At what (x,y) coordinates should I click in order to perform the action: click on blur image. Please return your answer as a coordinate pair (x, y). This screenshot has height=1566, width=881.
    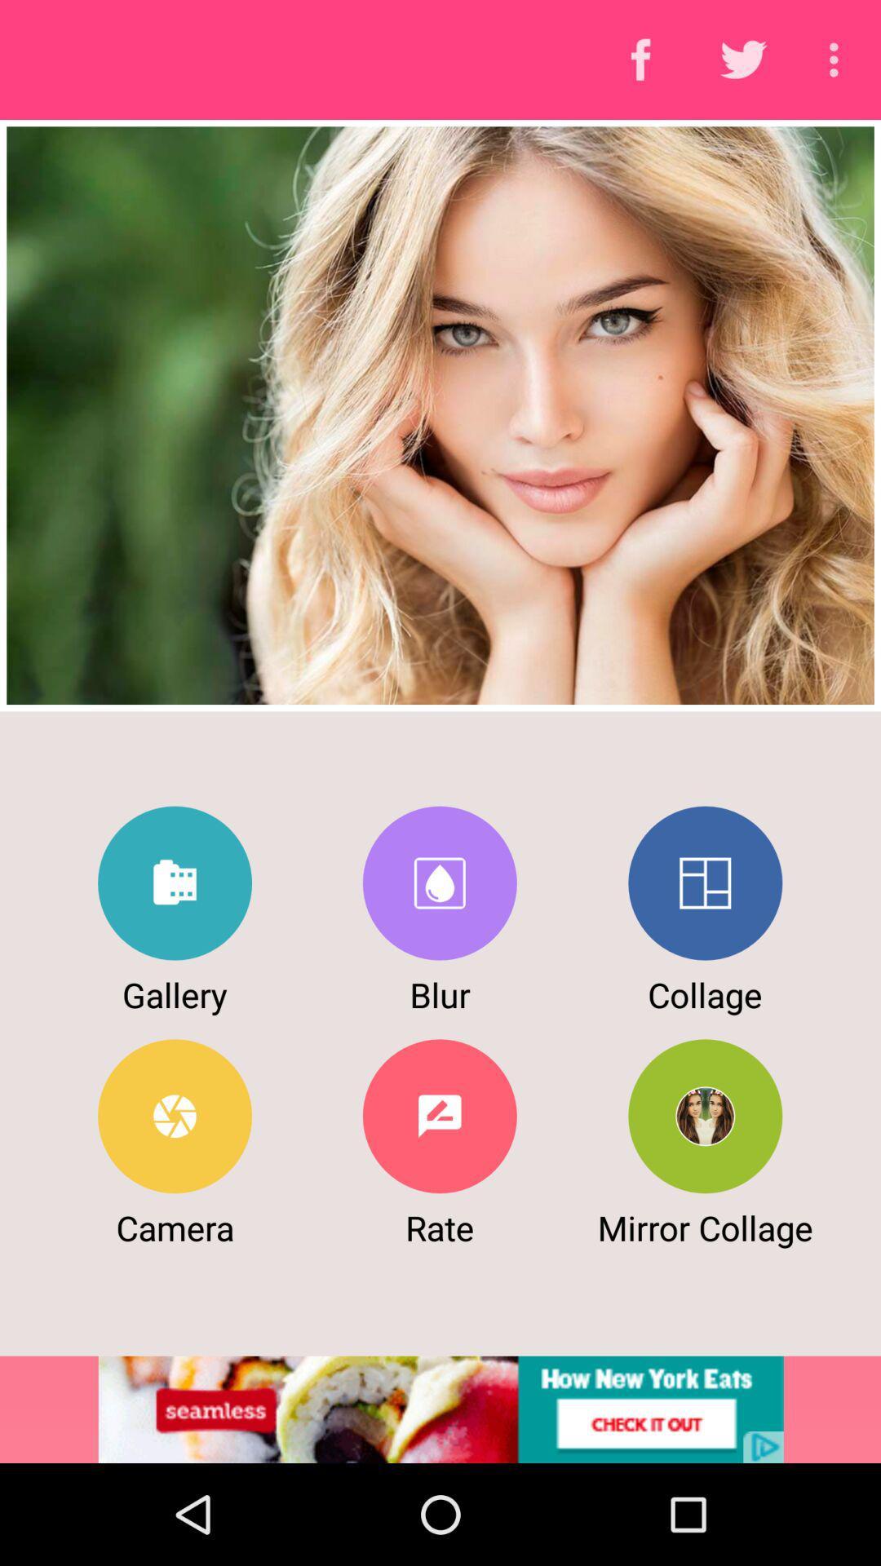
    Looking at the image, I should click on (439, 883).